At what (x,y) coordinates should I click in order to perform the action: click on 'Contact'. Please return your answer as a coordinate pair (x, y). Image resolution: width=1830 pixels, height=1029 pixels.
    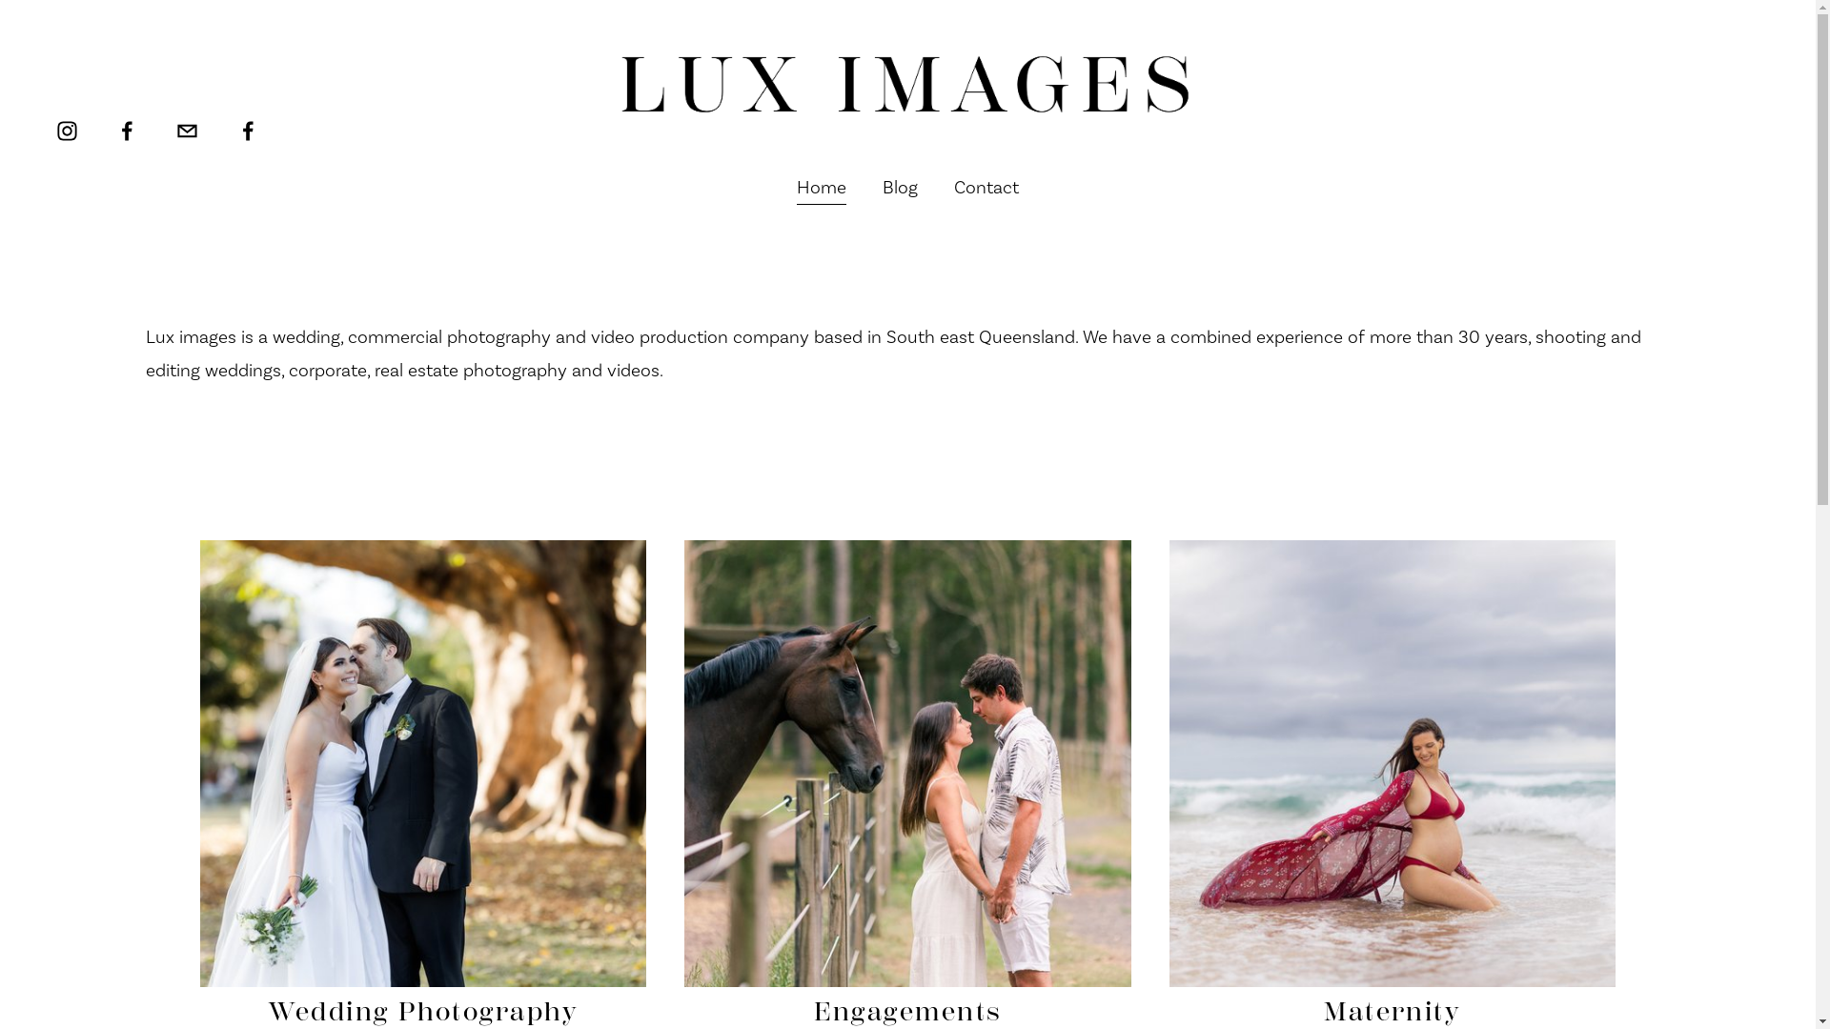
    Looking at the image, I should click on (986, 187).